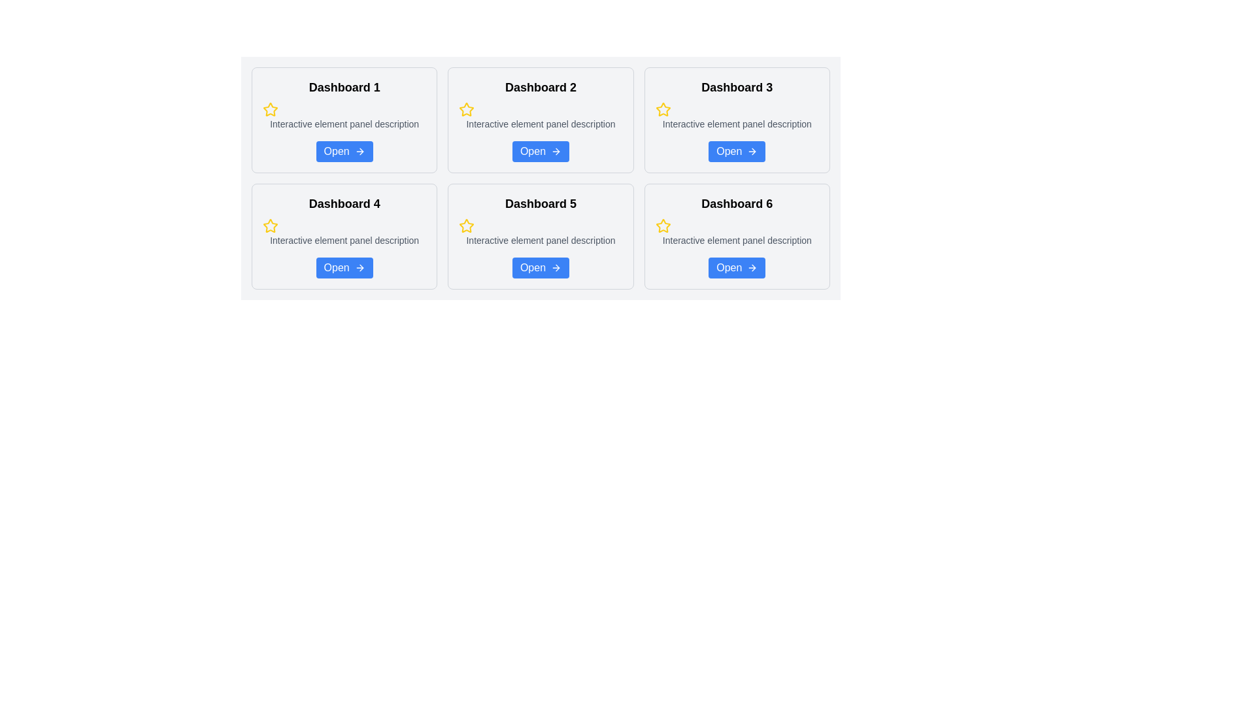 The height and width of the screenshot is (706, 1255). I want to click on the star-shaped icon with a gold outline located in the top-left corner of the 'Dashboard 4' card to potentially reveal additional information, so click(269, 225).